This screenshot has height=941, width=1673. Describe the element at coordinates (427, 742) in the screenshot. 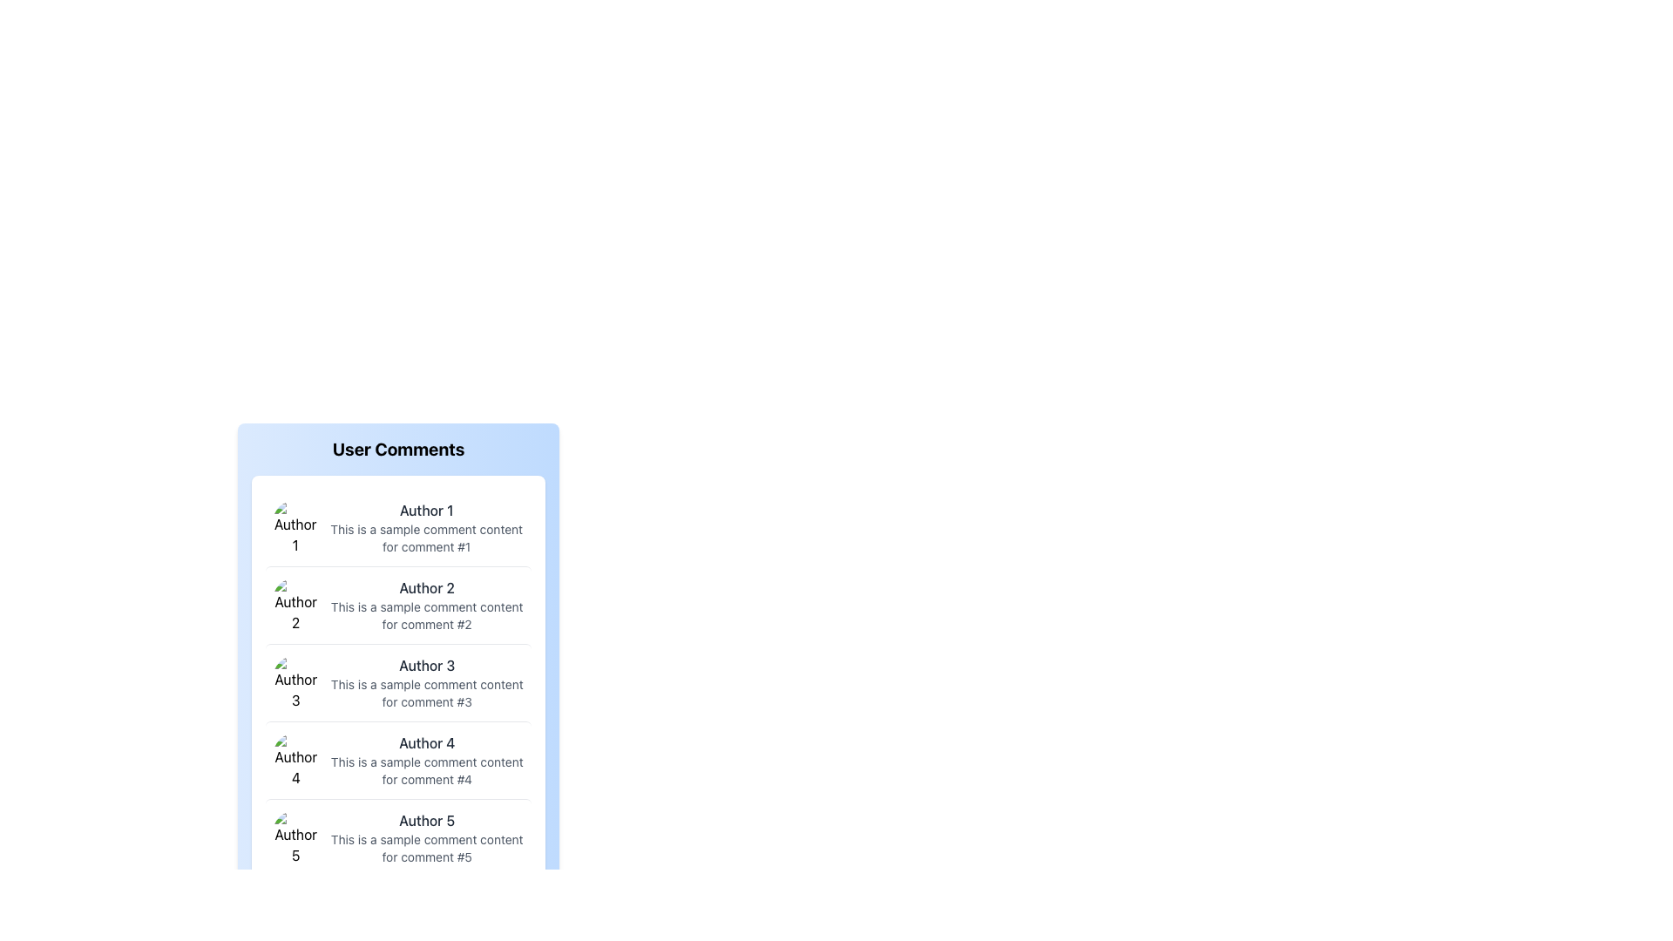

I see `the text label displaying the author name 'Author 4' for the related comment in the 'User Comments' section` at that location.